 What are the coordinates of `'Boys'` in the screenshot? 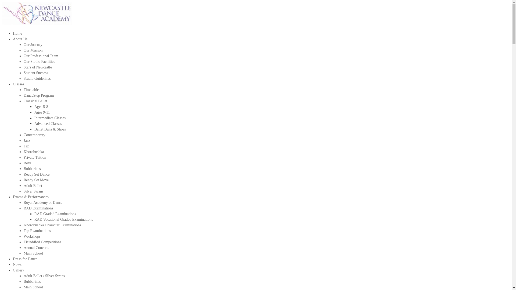 It's located at (27, 163).